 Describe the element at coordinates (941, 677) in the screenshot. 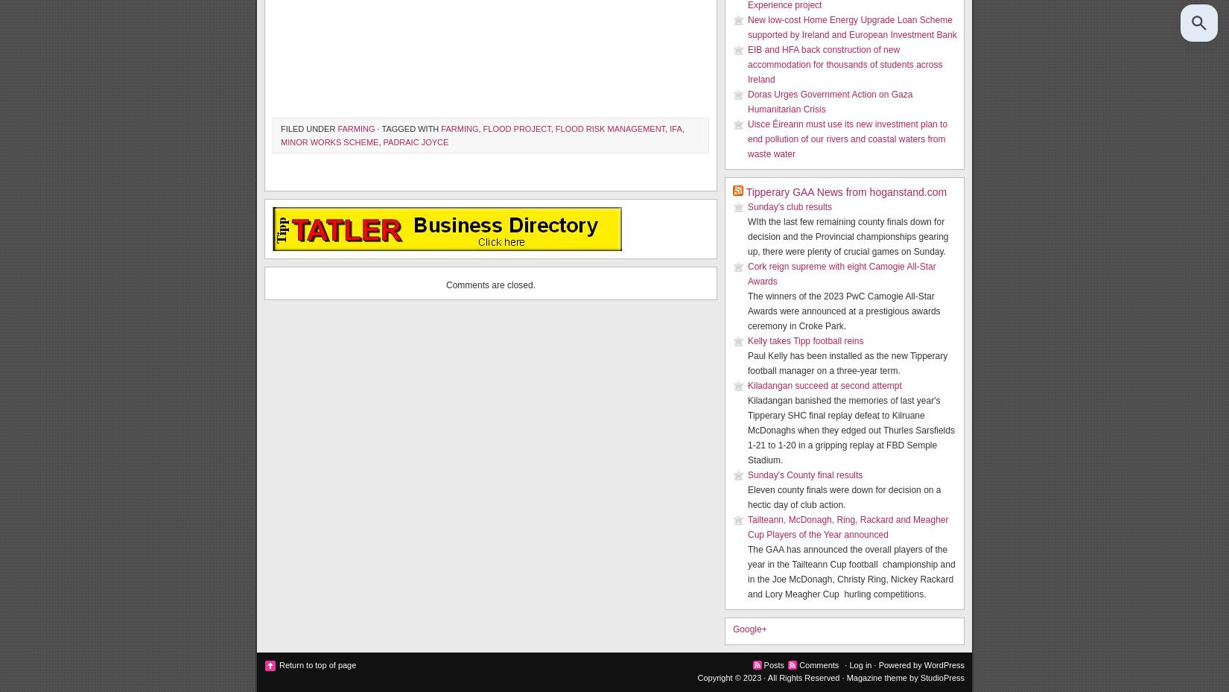

I see `'StudioPress'` at that location.